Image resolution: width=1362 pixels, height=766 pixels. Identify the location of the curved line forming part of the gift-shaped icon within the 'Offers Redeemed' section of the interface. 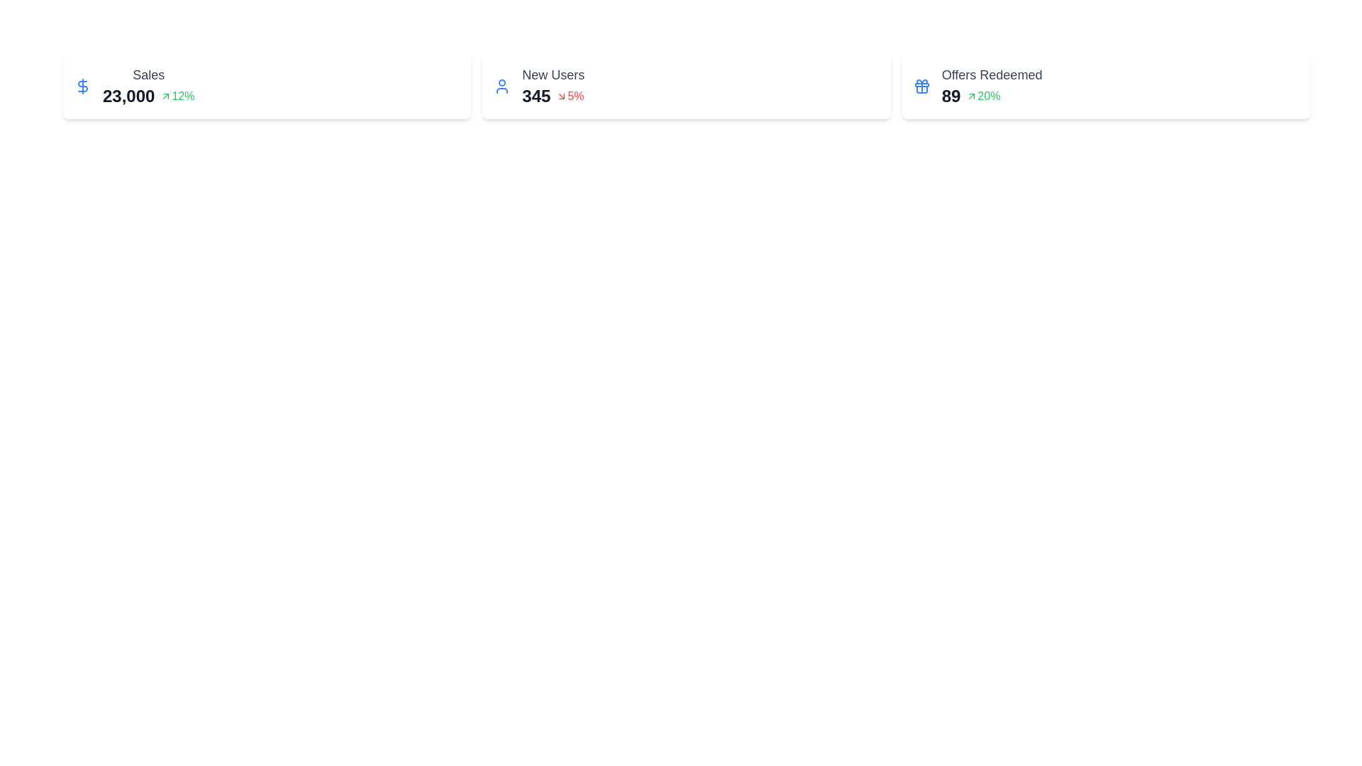
(921, 89).